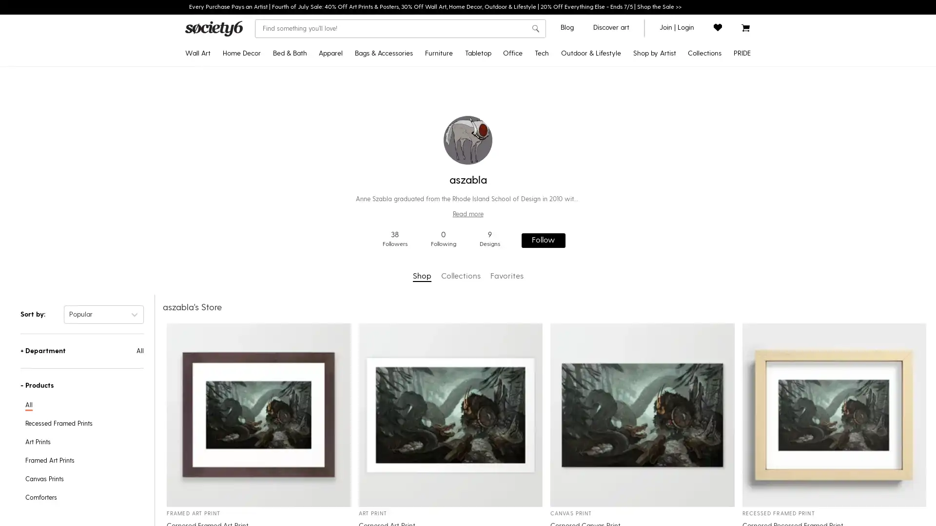  What do you see at coordinates (229, 219) in the screenshot?
I see `Wall Hangings` at bounding box center [229, 219].